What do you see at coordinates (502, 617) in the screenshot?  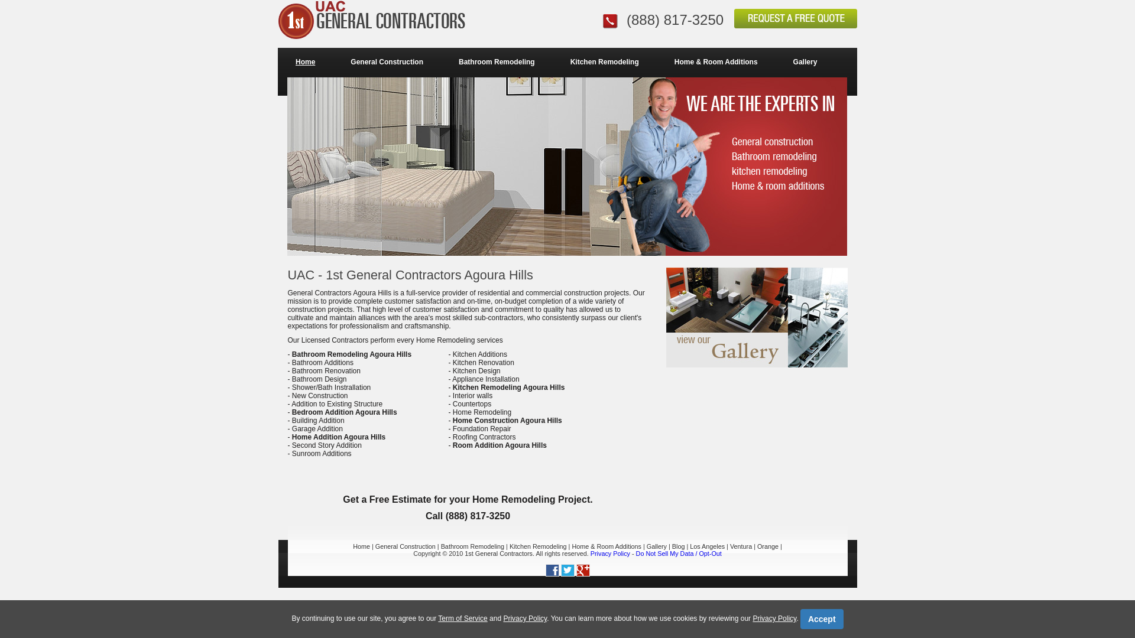 I see `'Privacy Policy'` at bounding box center [502, 617].